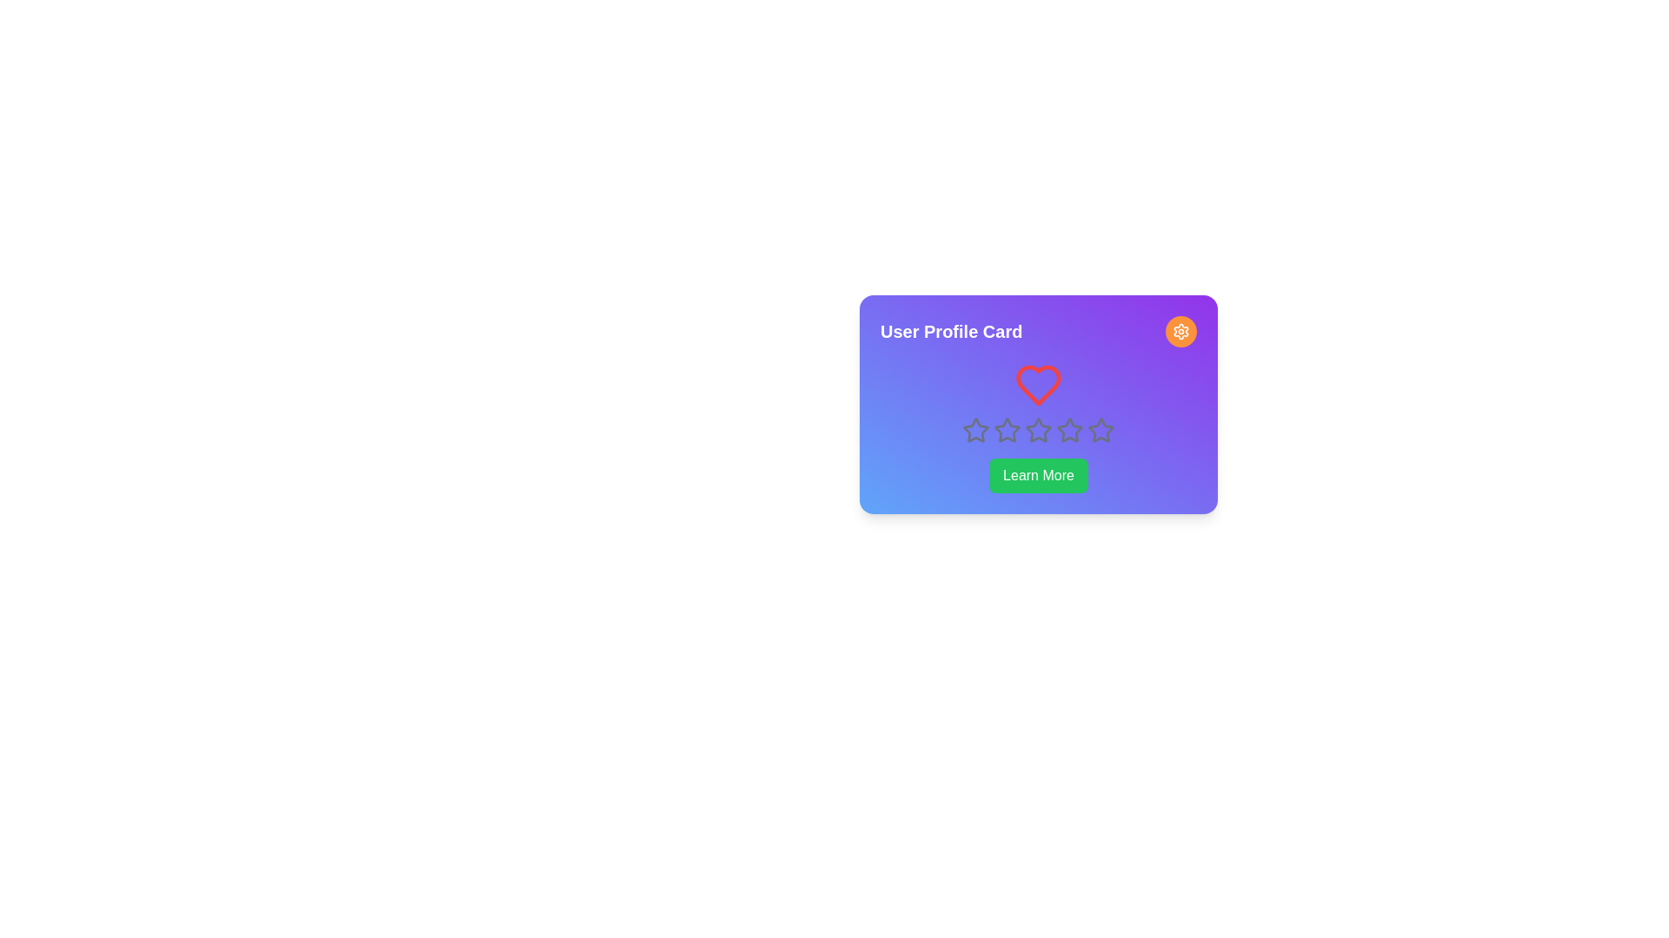 The image size is (1669, 938). What do you see at coordinates (1180, 331) in the screenshot?
I see `the settings button located in the top-right corner of the 'User Profile Card'` at bounding box center [1180, 331].